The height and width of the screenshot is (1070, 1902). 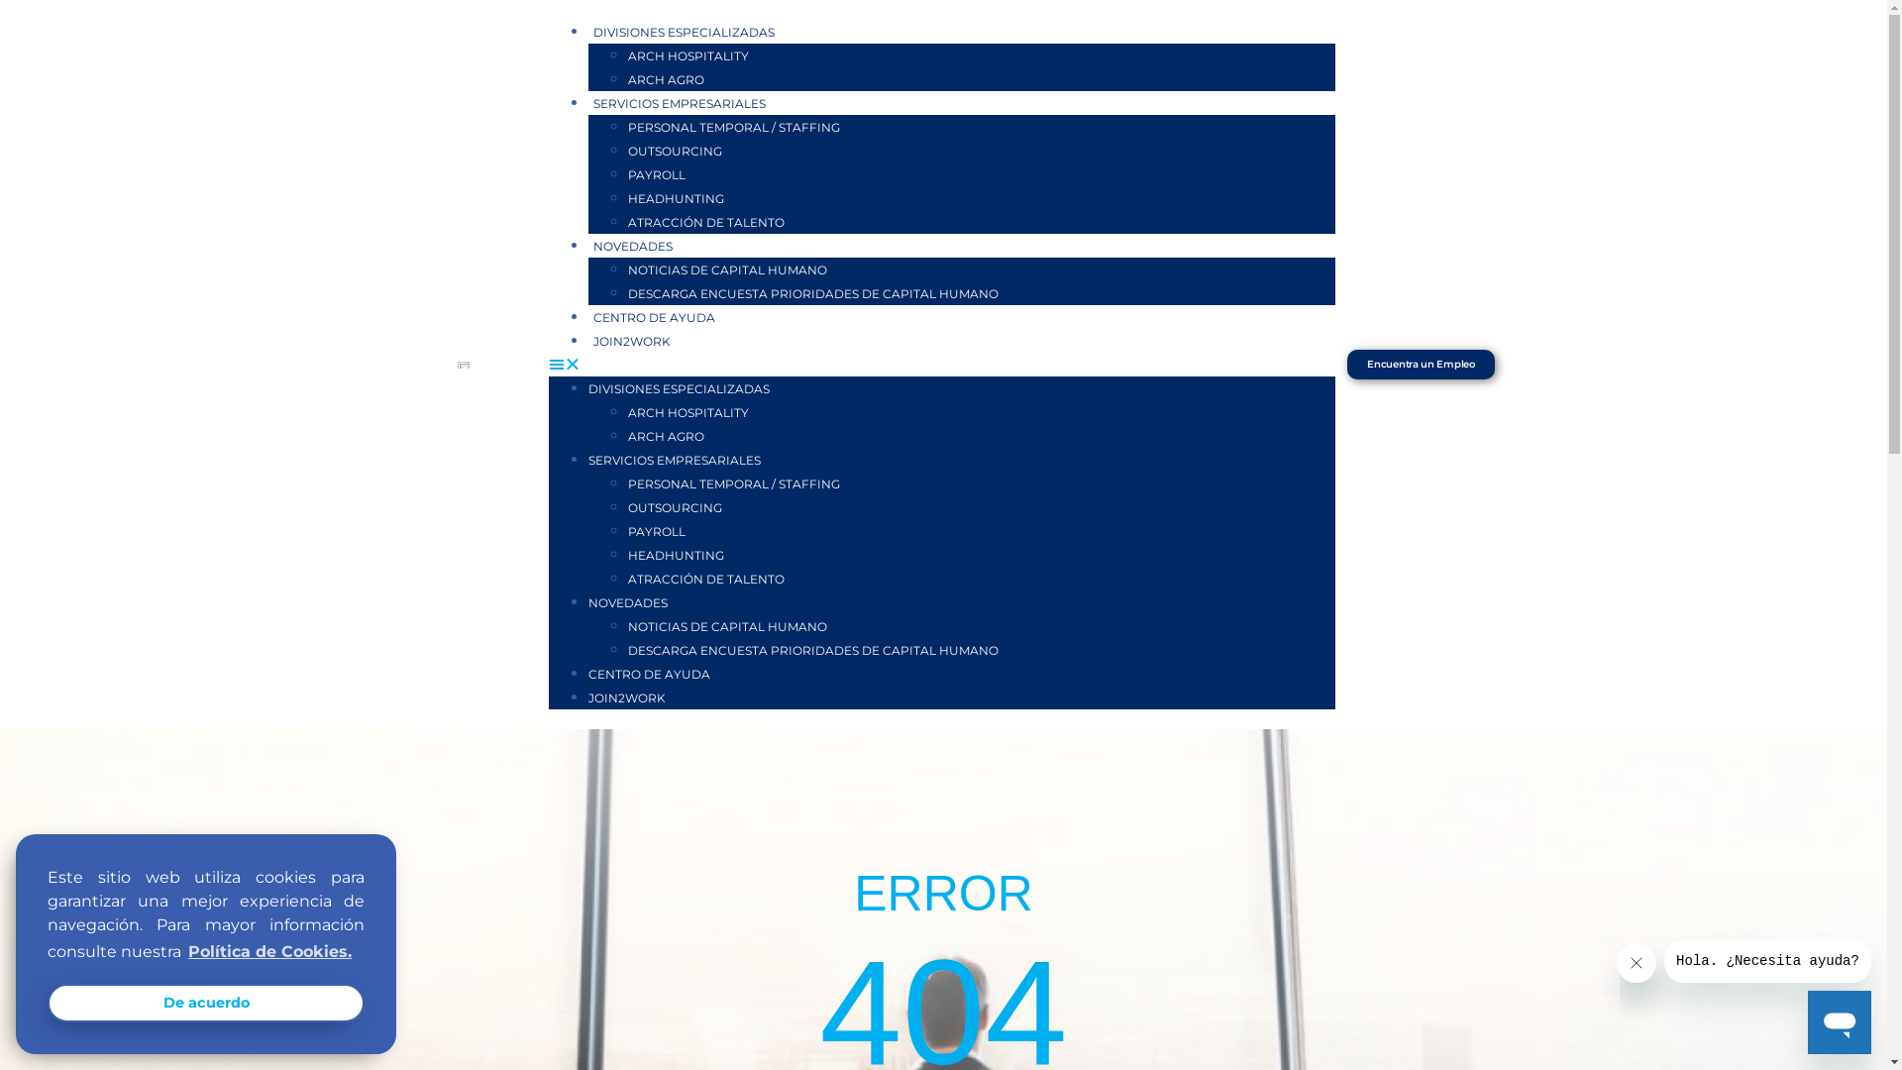 What do you see at coordinates (732, 127) in the screenshot?
I see `'PERSONAL TEMPORAL / STAFFING'` at bounding box center [732, 127].